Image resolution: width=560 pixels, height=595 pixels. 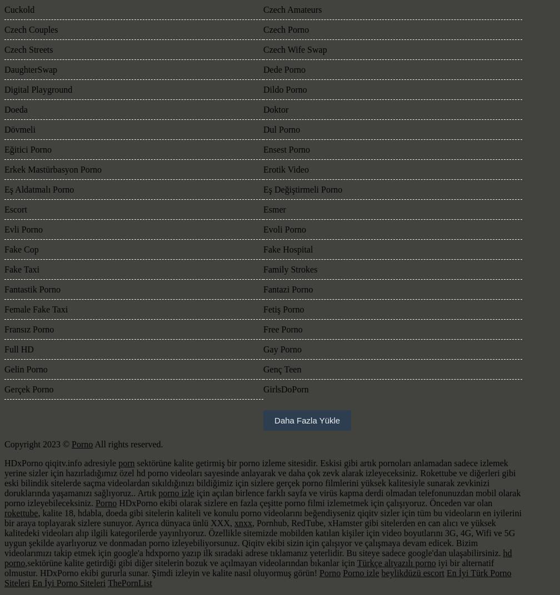 I want to click on 'Copyright 2023 ©', so click(x=38, y=444).